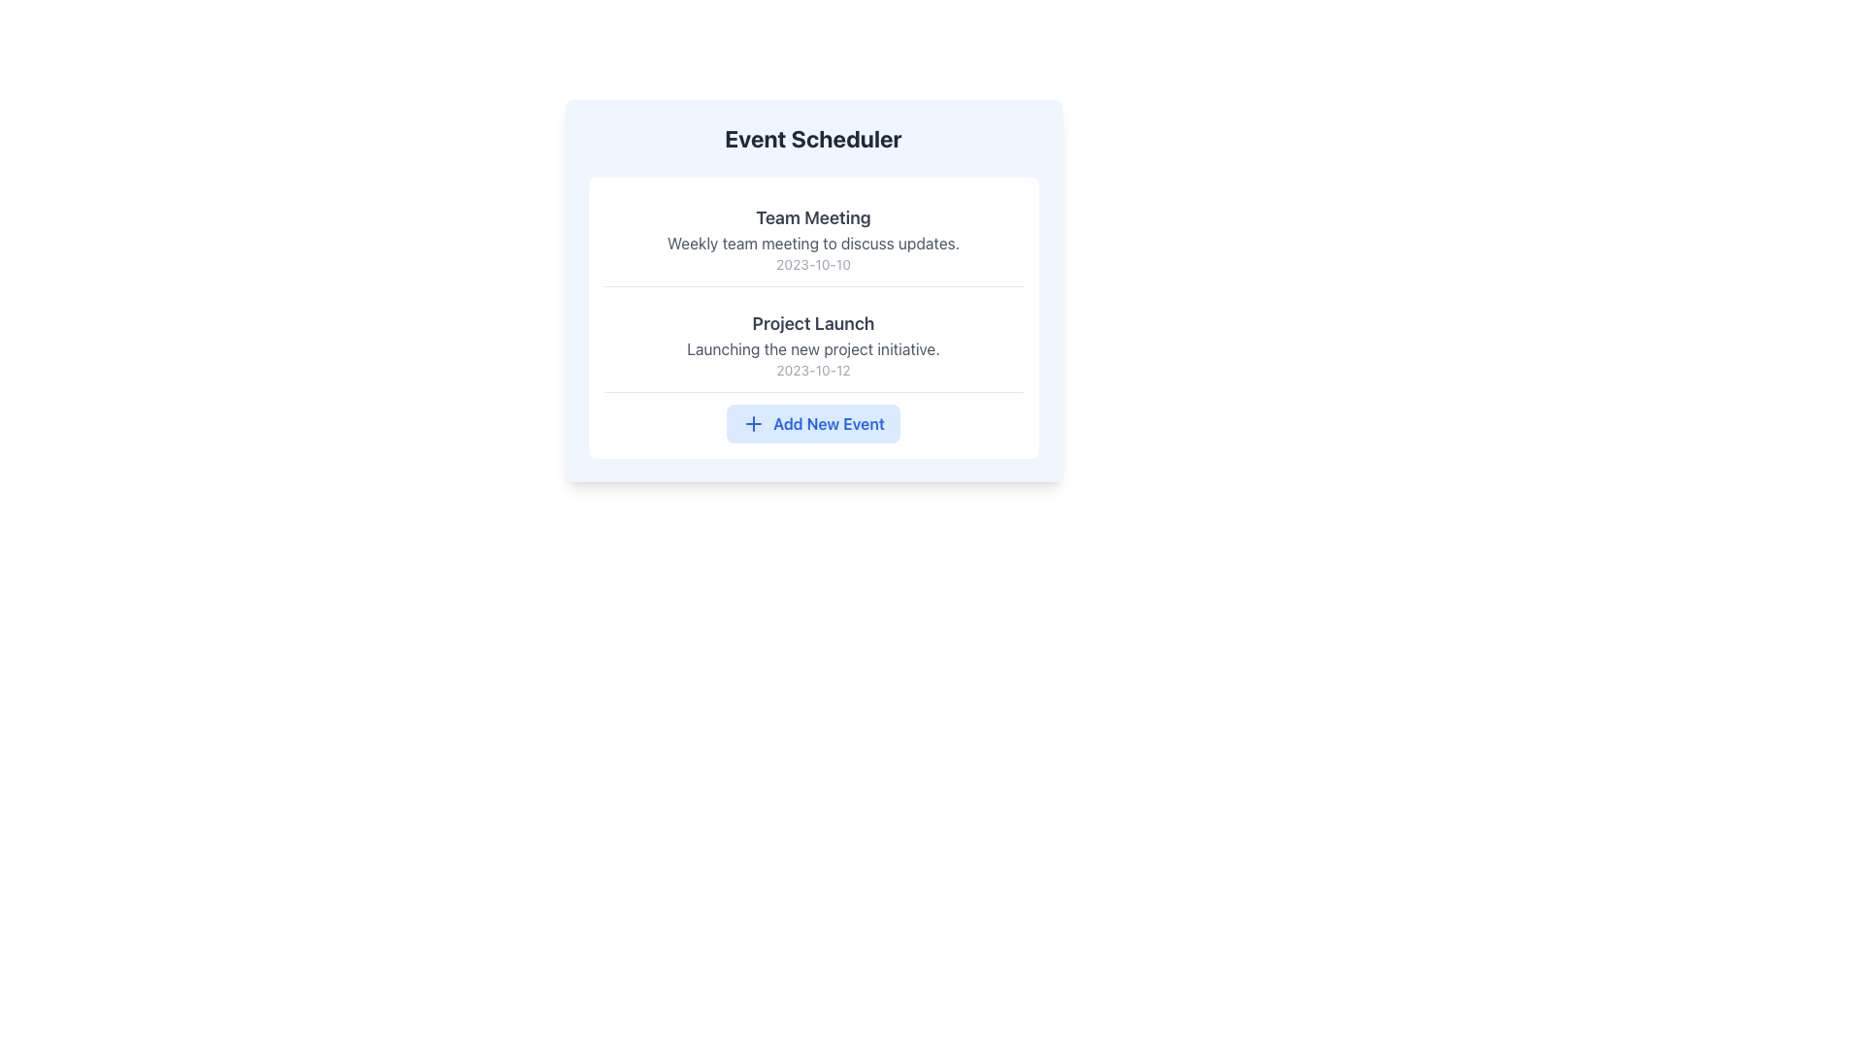  Describe the element at coordinates (753, 422) in the screenshot. I see `the plus icon inside the 'Add New Event' button located at the bottom-center of the 'Event Scheduler' panel to initiate the add action` at that location.